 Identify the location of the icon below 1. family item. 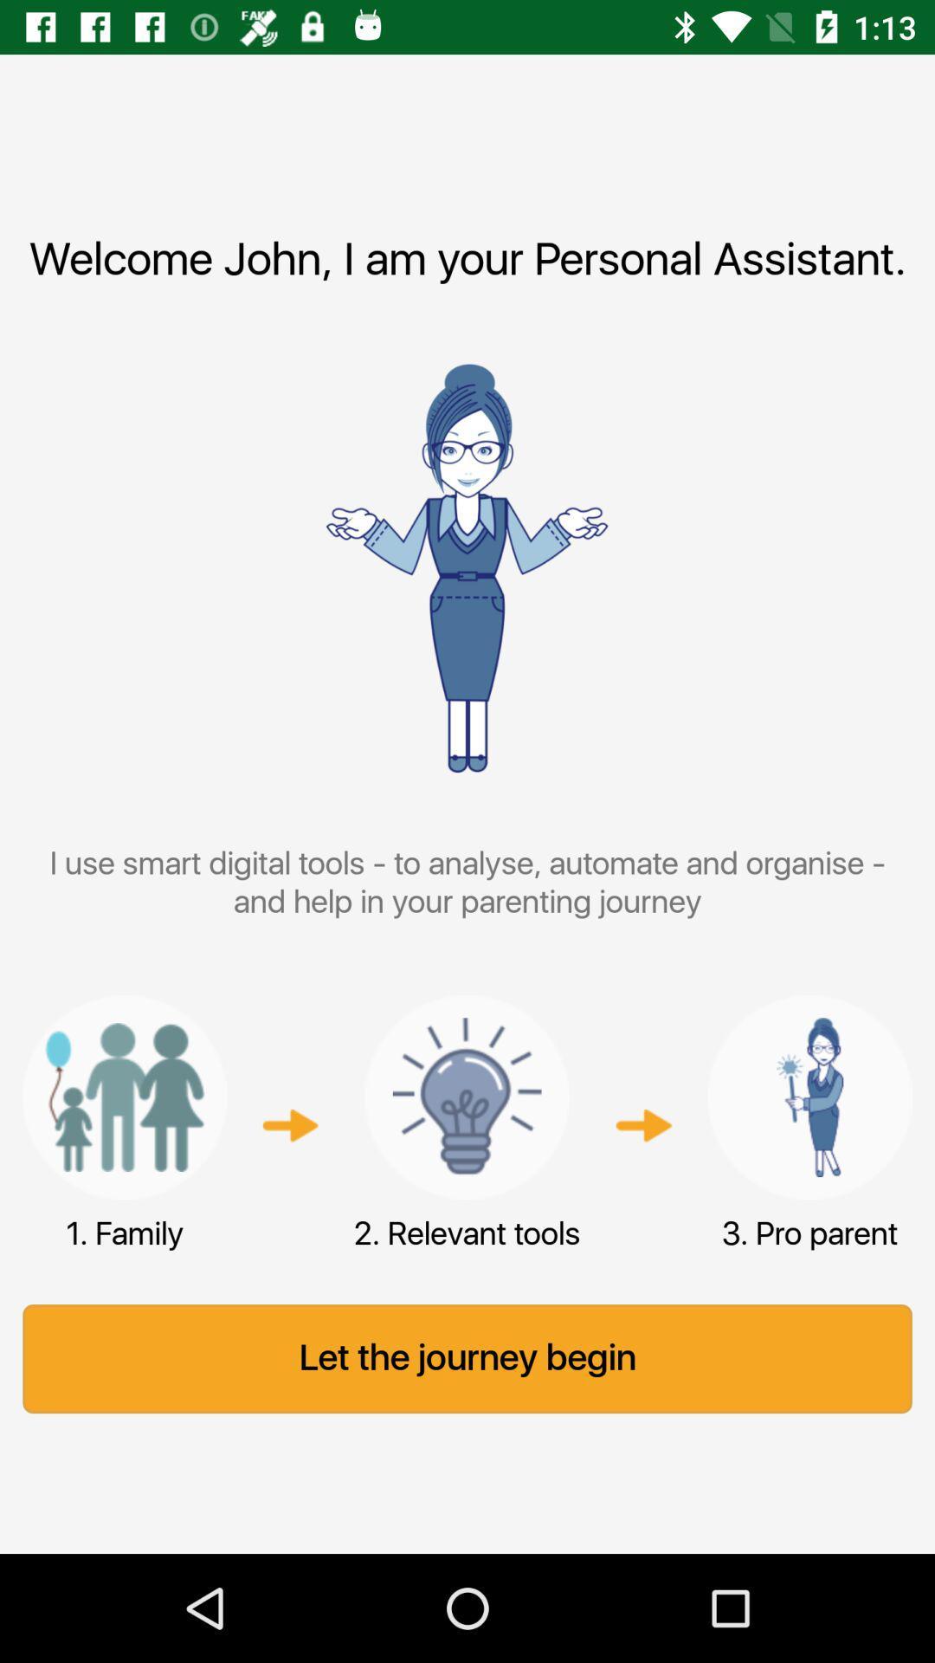
(467, 1358).